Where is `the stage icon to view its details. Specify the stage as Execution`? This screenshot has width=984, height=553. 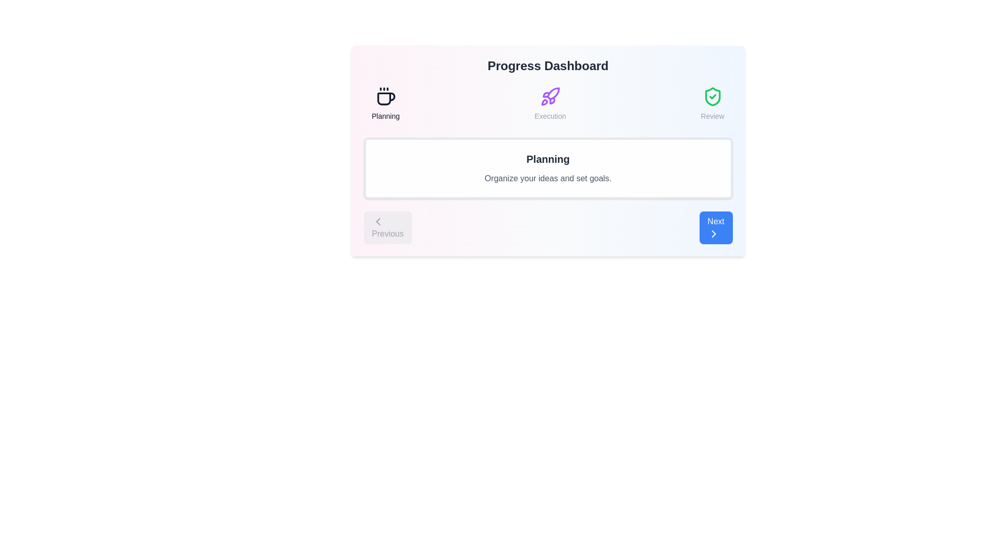
the stage icon to view its details. Specify the stage as Execution is located at coordinates (549, 104).